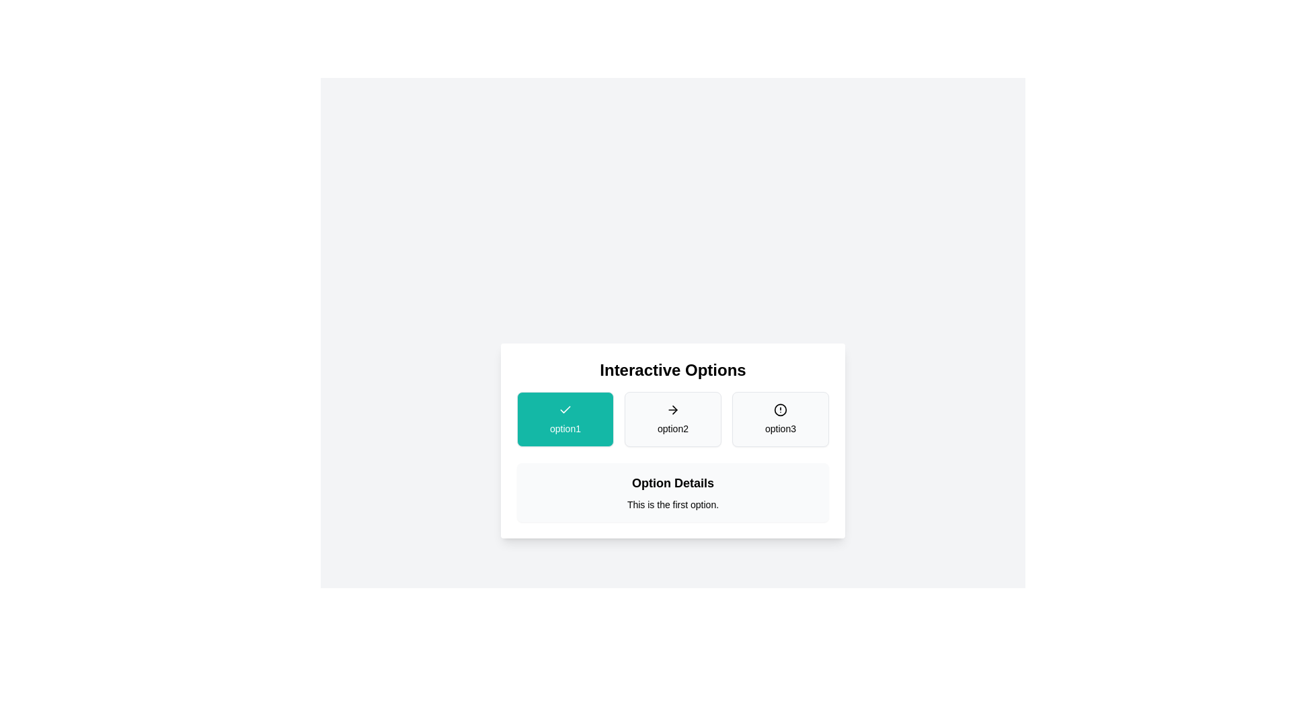 The image size is (1291, 726). Describe the element at coordinates (781, 409) in the screenshot. I see `the visual state of the inner circle of the warning icon within the 'option3' rectangular option in the 'Interactive Options' group` at that location.